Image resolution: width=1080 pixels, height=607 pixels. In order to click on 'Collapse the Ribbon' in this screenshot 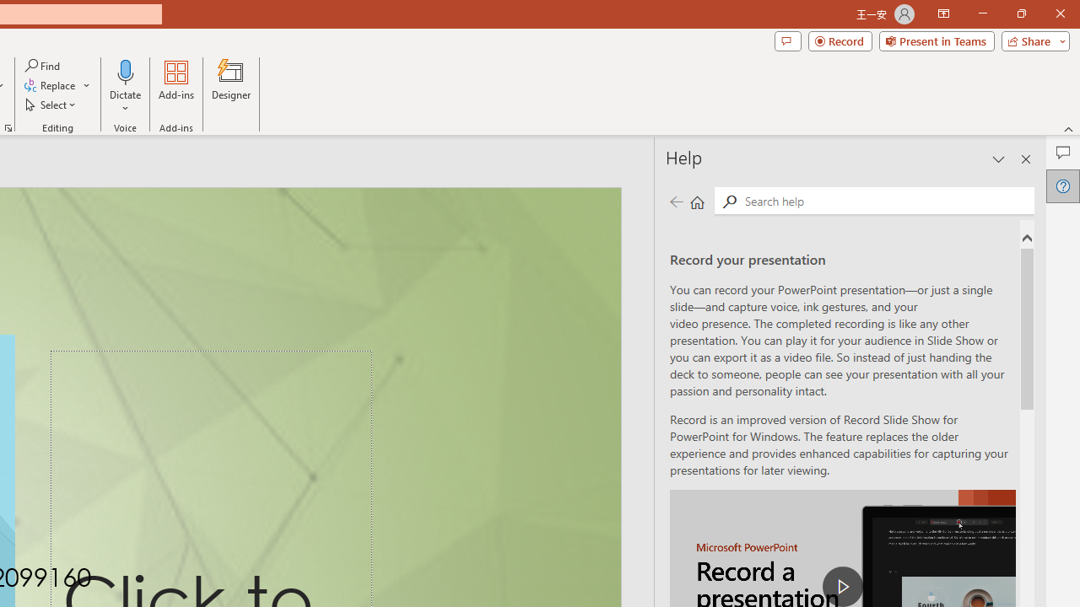, I will do `click(1068, 128)`.